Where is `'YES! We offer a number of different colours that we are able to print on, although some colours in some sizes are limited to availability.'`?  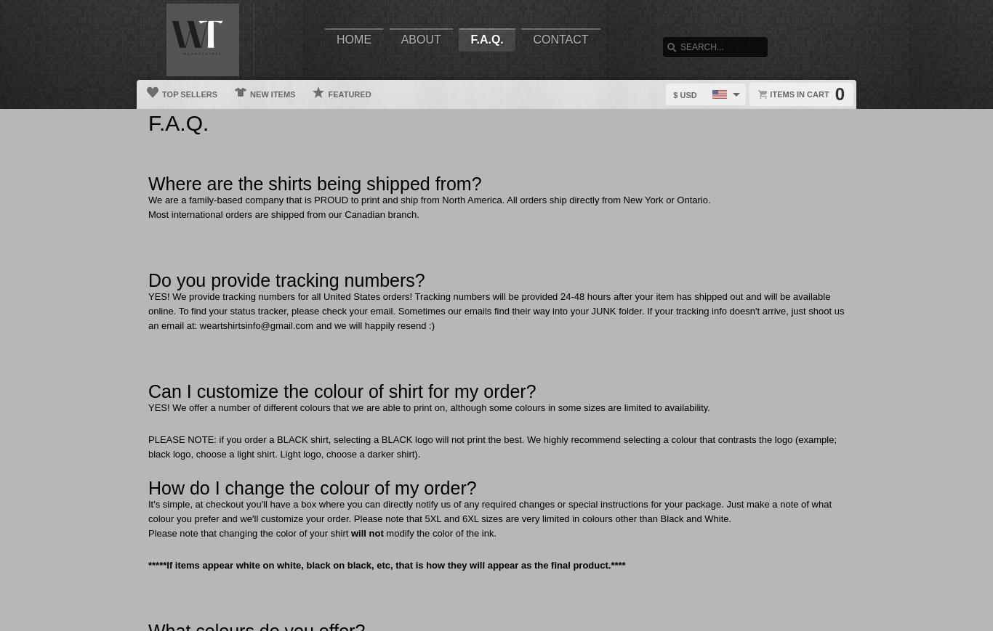
'YES! We offer a number of different colours that we are able to print on, although some colours in some sizes are limited to availability.' is located at coordinates (427, 407).